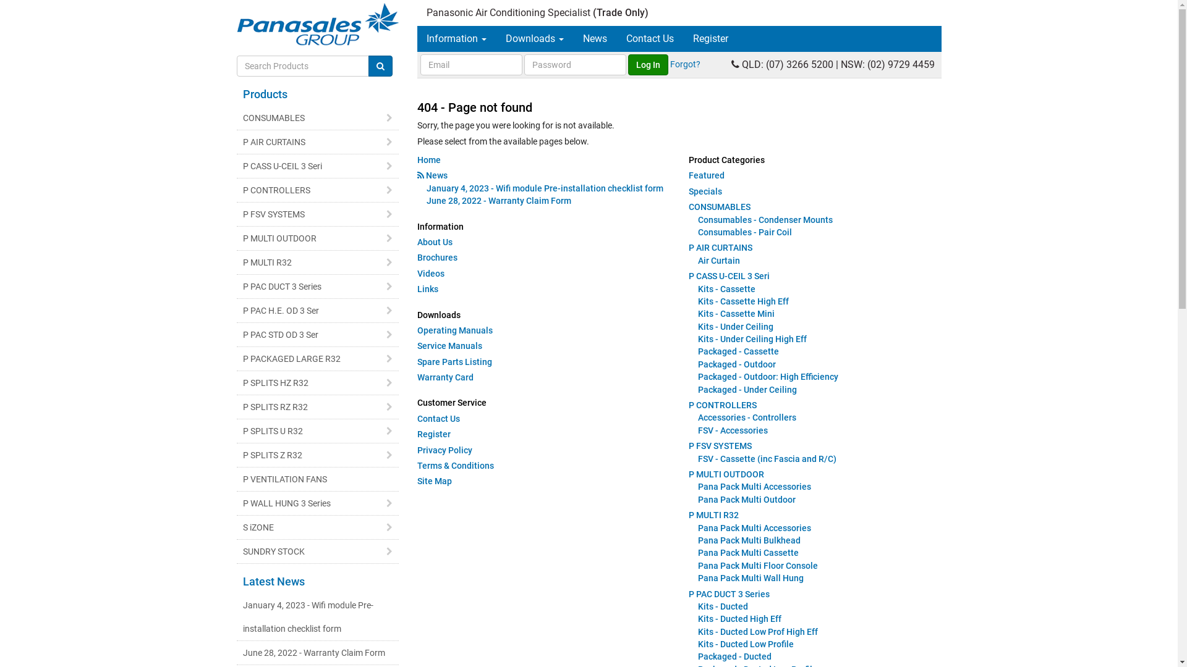 Image resolution: width=1187 pixels, height=667 pixels. Describe the element at coordinates (380, 66) in the screenshot. I see `'Go!'` at that location.